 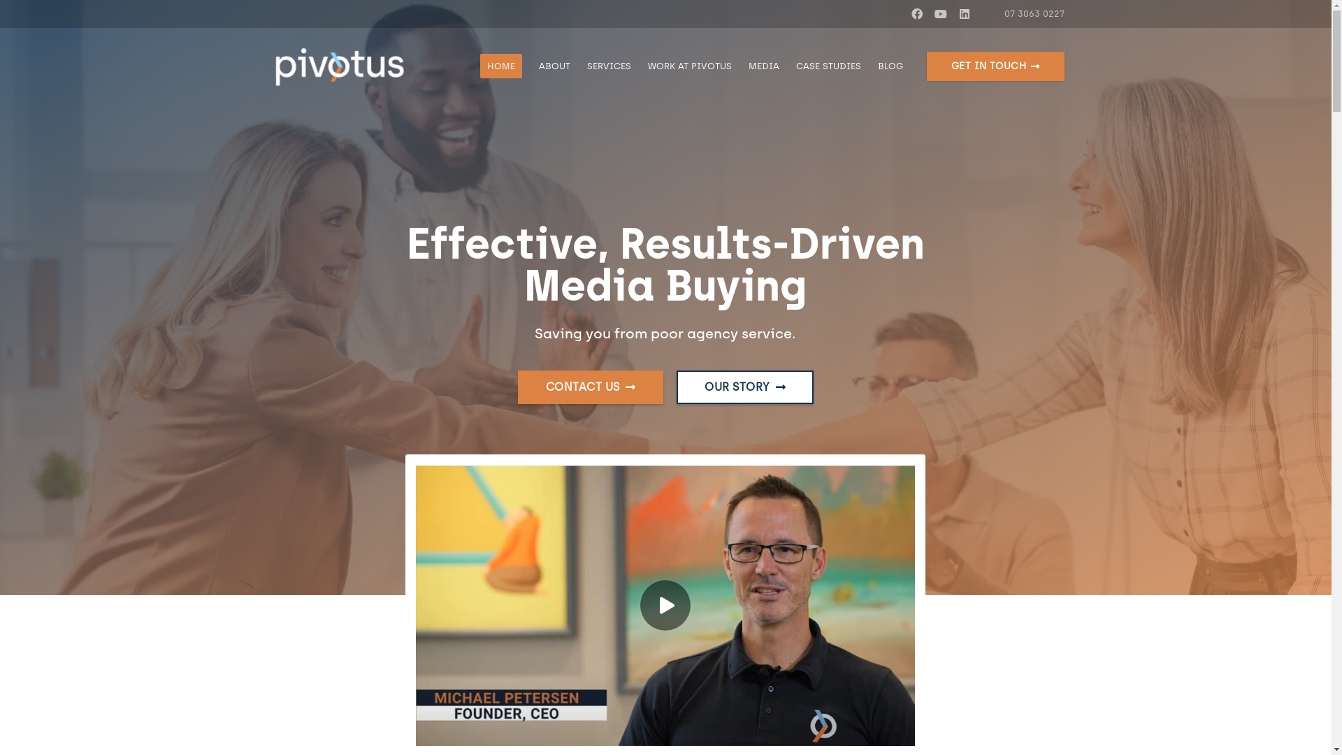 What do you see at coordinates (995, 66) in the screenshot?
I see `'GET IN TOUCH'` at bounding box center [995, 66].